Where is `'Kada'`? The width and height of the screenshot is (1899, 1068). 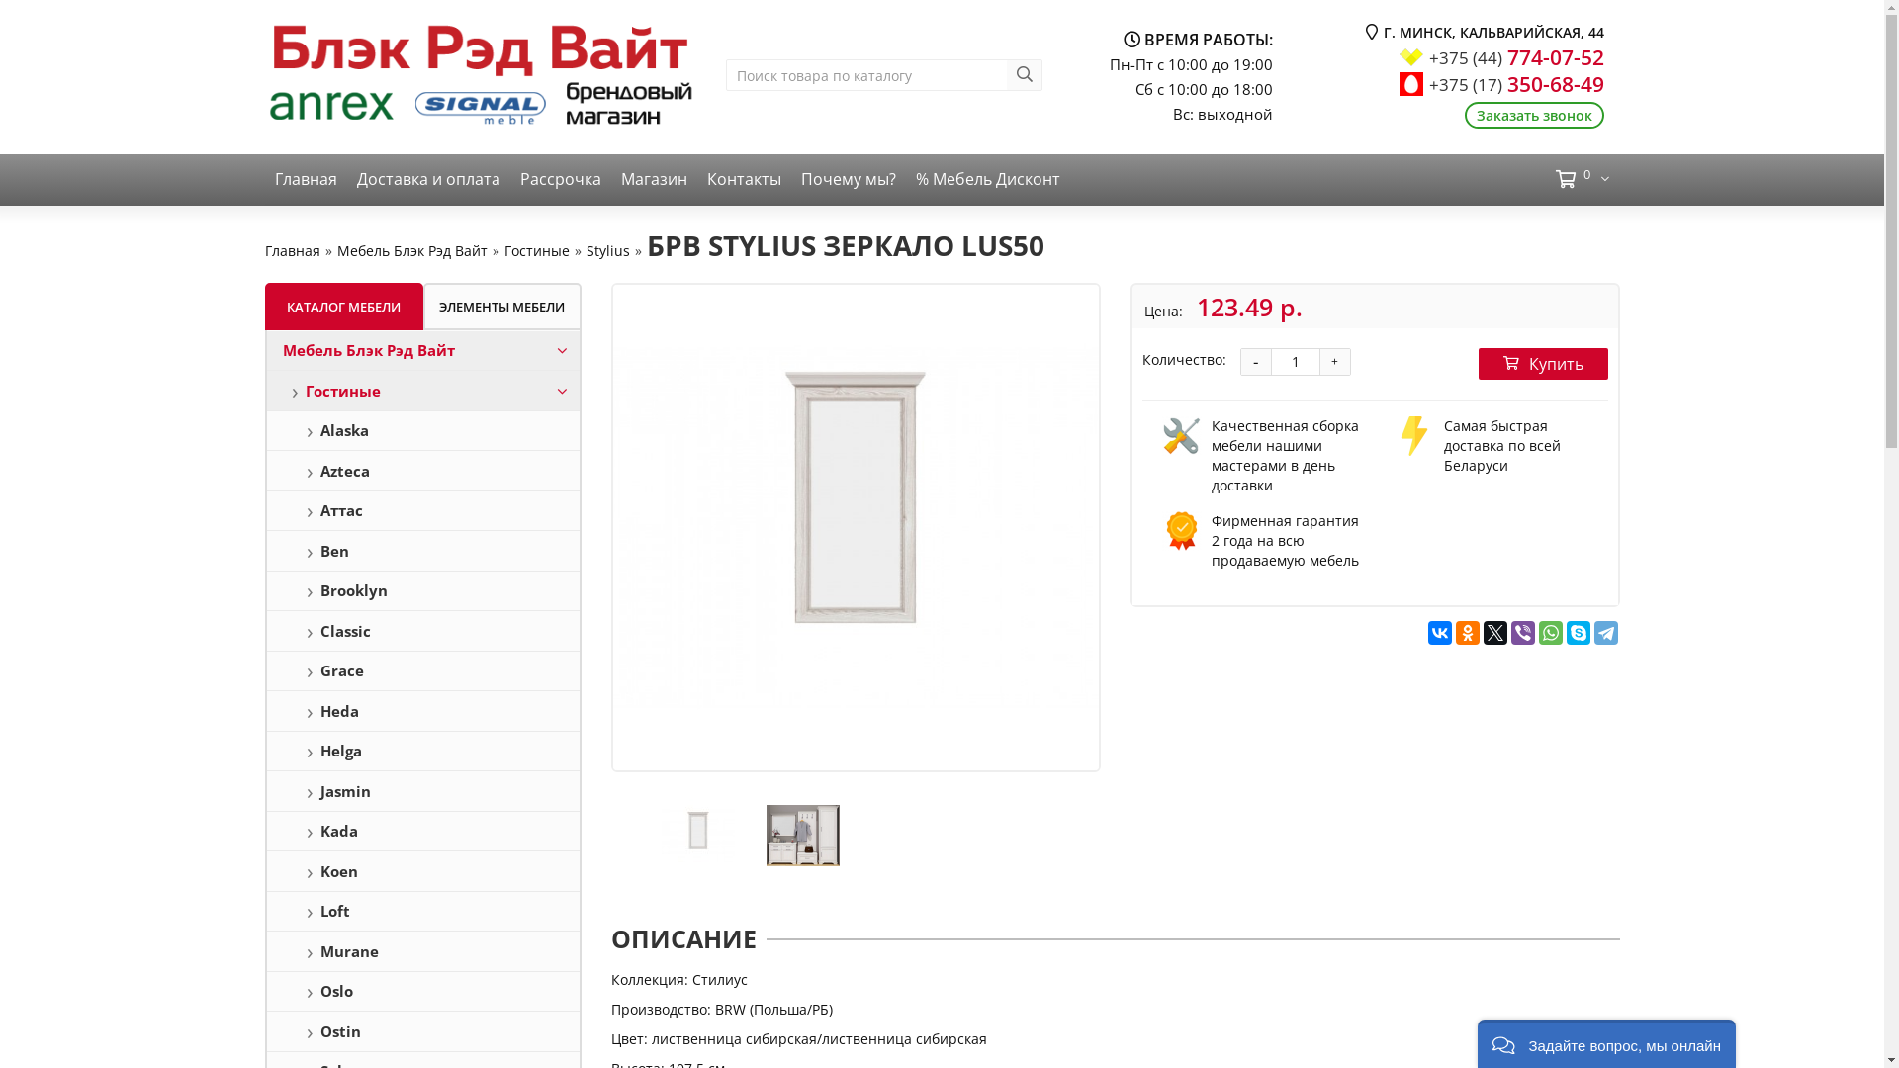 'Kada' is located at coordinates (421, 831).